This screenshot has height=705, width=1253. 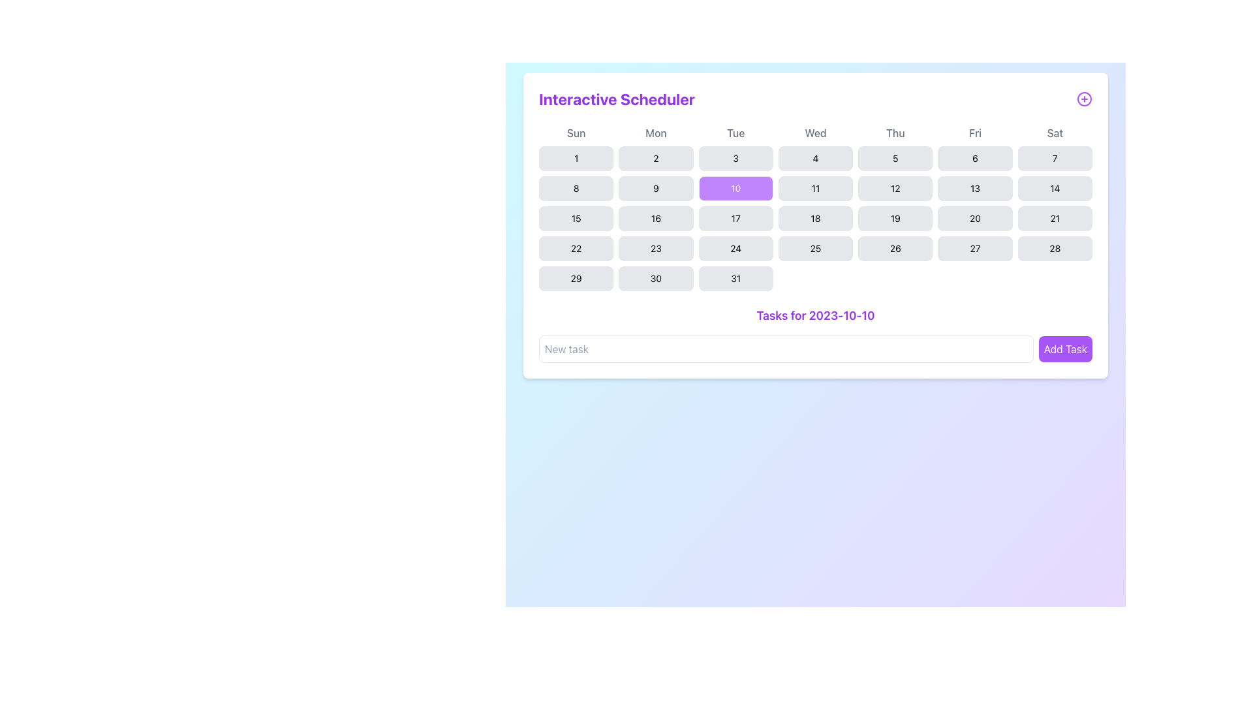 What do you see at coordinates (895, 189) in the screenshot?
I see `the selectable day button in the calendar located under 'Thu', in the fourth row and fifth column` at bounding box center [895, 189].